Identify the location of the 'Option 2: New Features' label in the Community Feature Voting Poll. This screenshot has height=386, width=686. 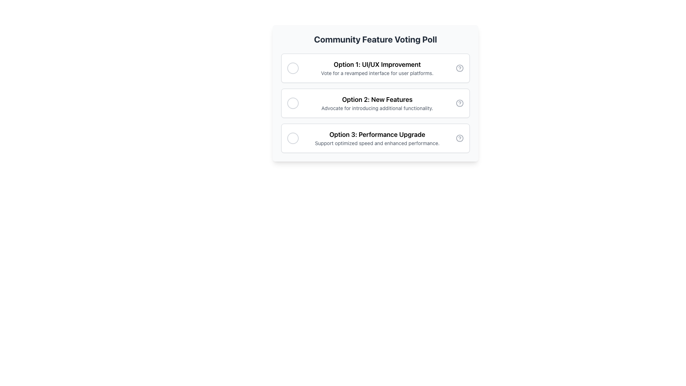
(377, 103).